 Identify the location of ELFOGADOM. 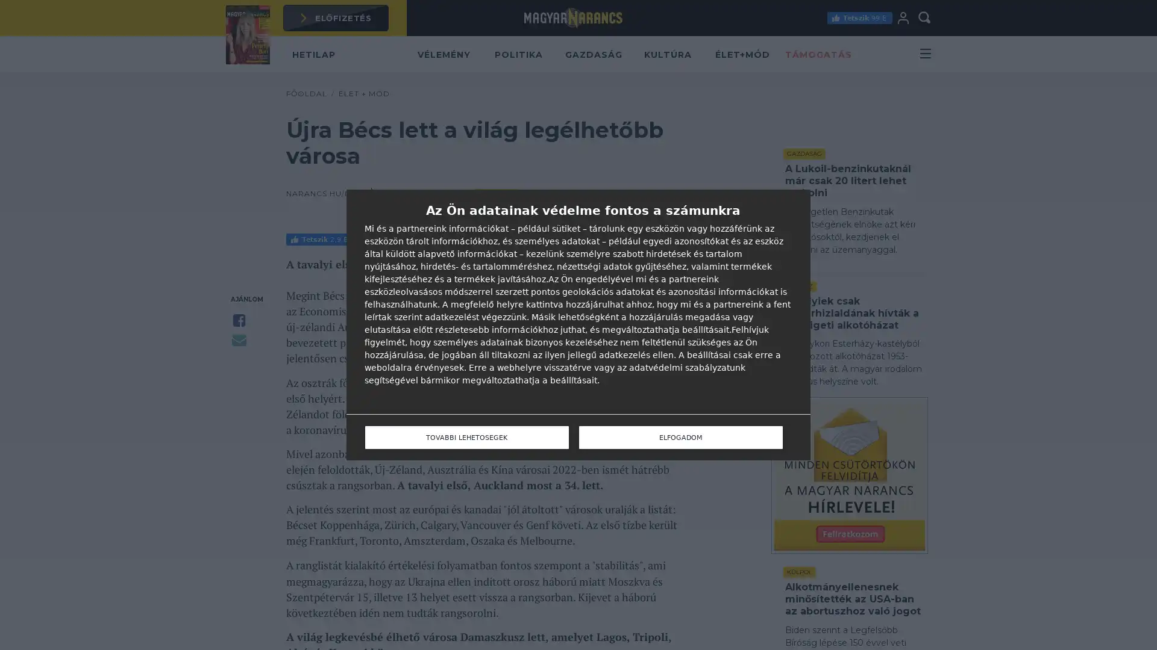
(680, 437).